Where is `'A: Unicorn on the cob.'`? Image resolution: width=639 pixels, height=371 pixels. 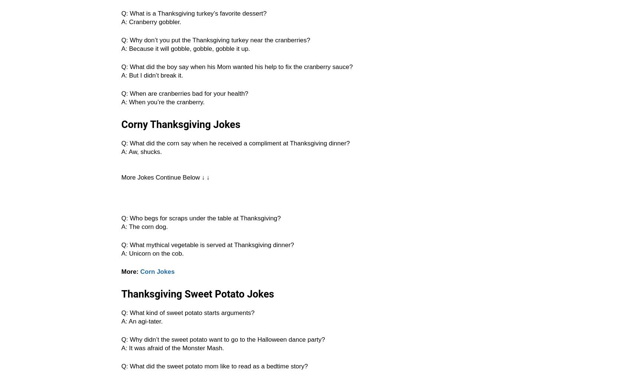 'A: Unicorn on the cob.' is located at coordinates (121, 253).